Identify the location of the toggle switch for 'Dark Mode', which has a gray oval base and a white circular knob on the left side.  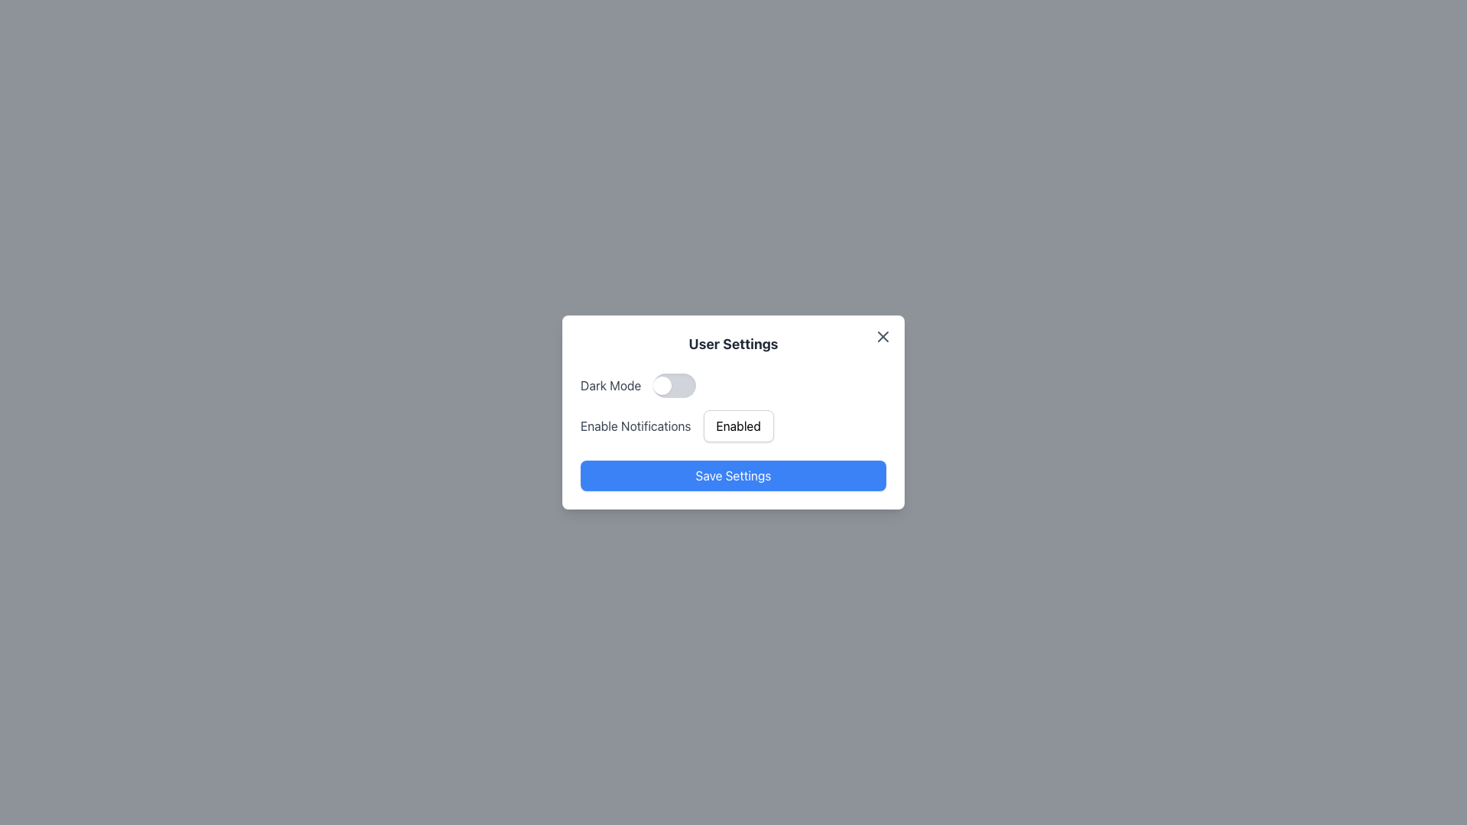
(674, 385).